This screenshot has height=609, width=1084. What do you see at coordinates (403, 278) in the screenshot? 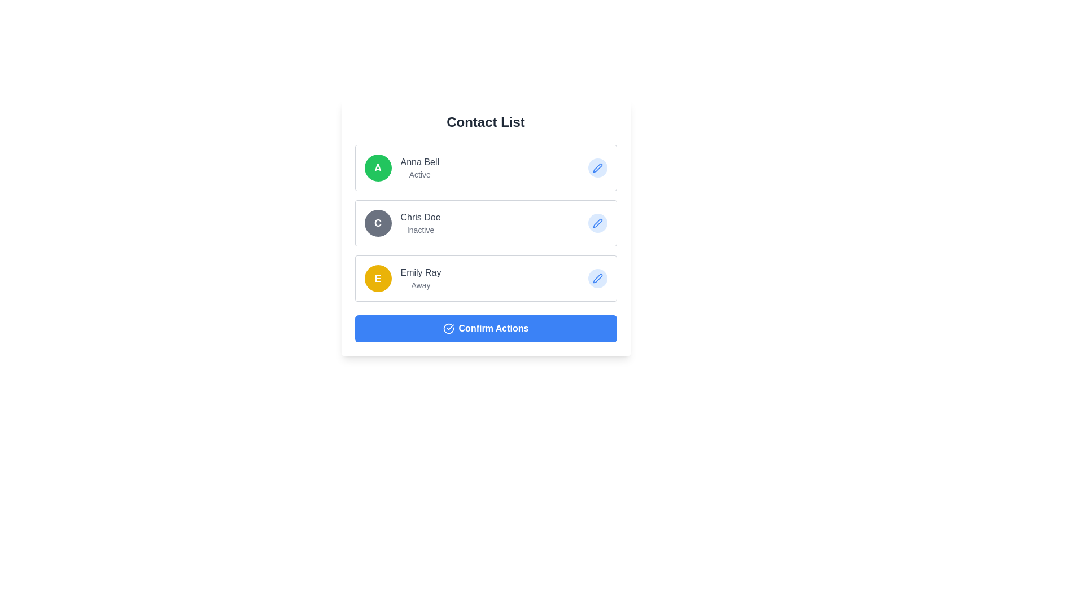
I see `the list item representing 'Emily Ray', which features a yellow circular icon with a white 'E' and text displaying 'Emily Ray' and 'away'` at bounding box center [403, 278].